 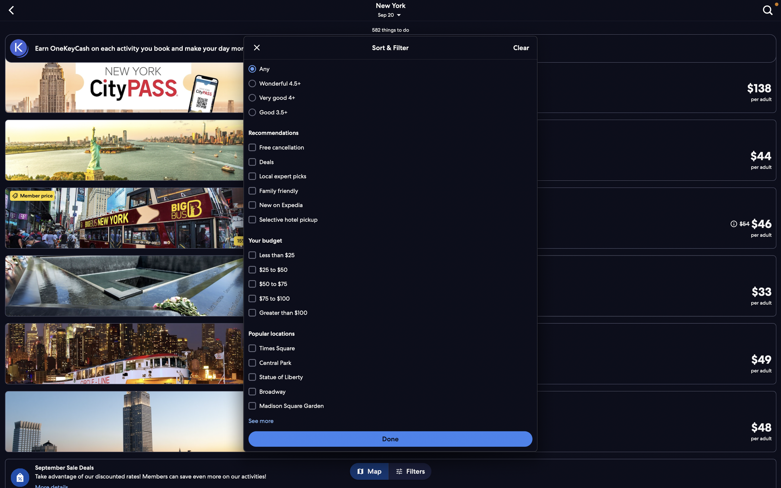 What do you see at coordinates (389, 98) in the screenshot?
I see `Opt for "very good" and "family friendly" selections` at bounding box center [389, 98].